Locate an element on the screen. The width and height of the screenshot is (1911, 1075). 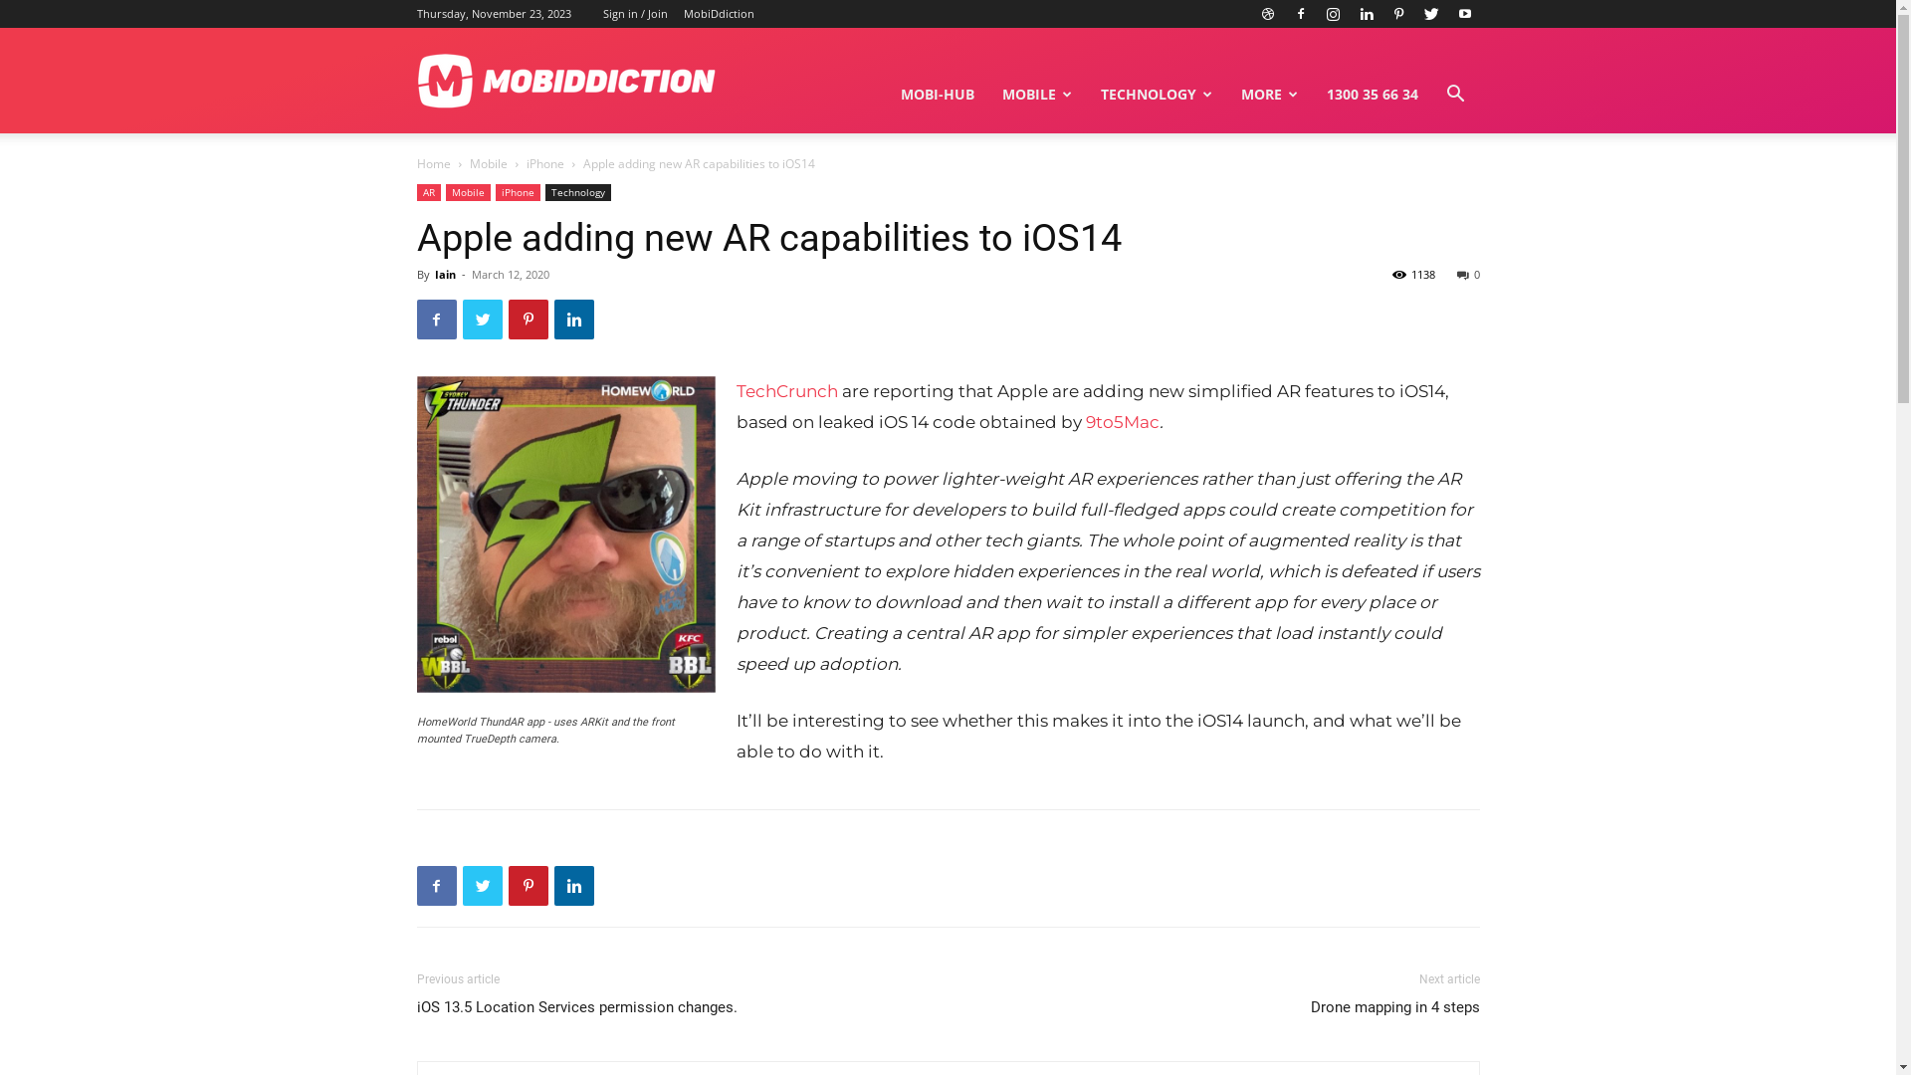
'TECHNOLOGY' is located at coordinates (1157, 95).